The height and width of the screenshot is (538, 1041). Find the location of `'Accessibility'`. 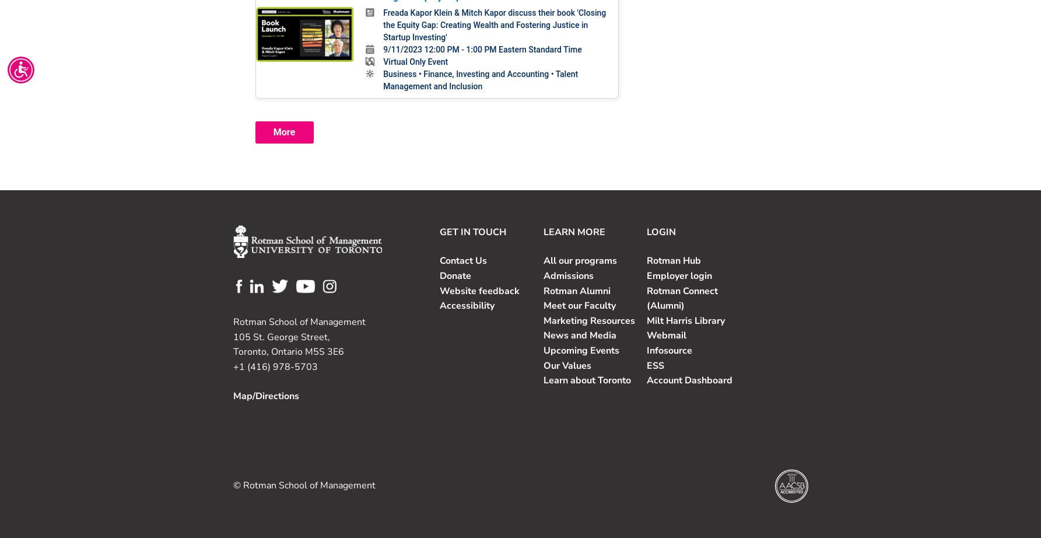

'Accessibility' is located at coordinates (439, 305).